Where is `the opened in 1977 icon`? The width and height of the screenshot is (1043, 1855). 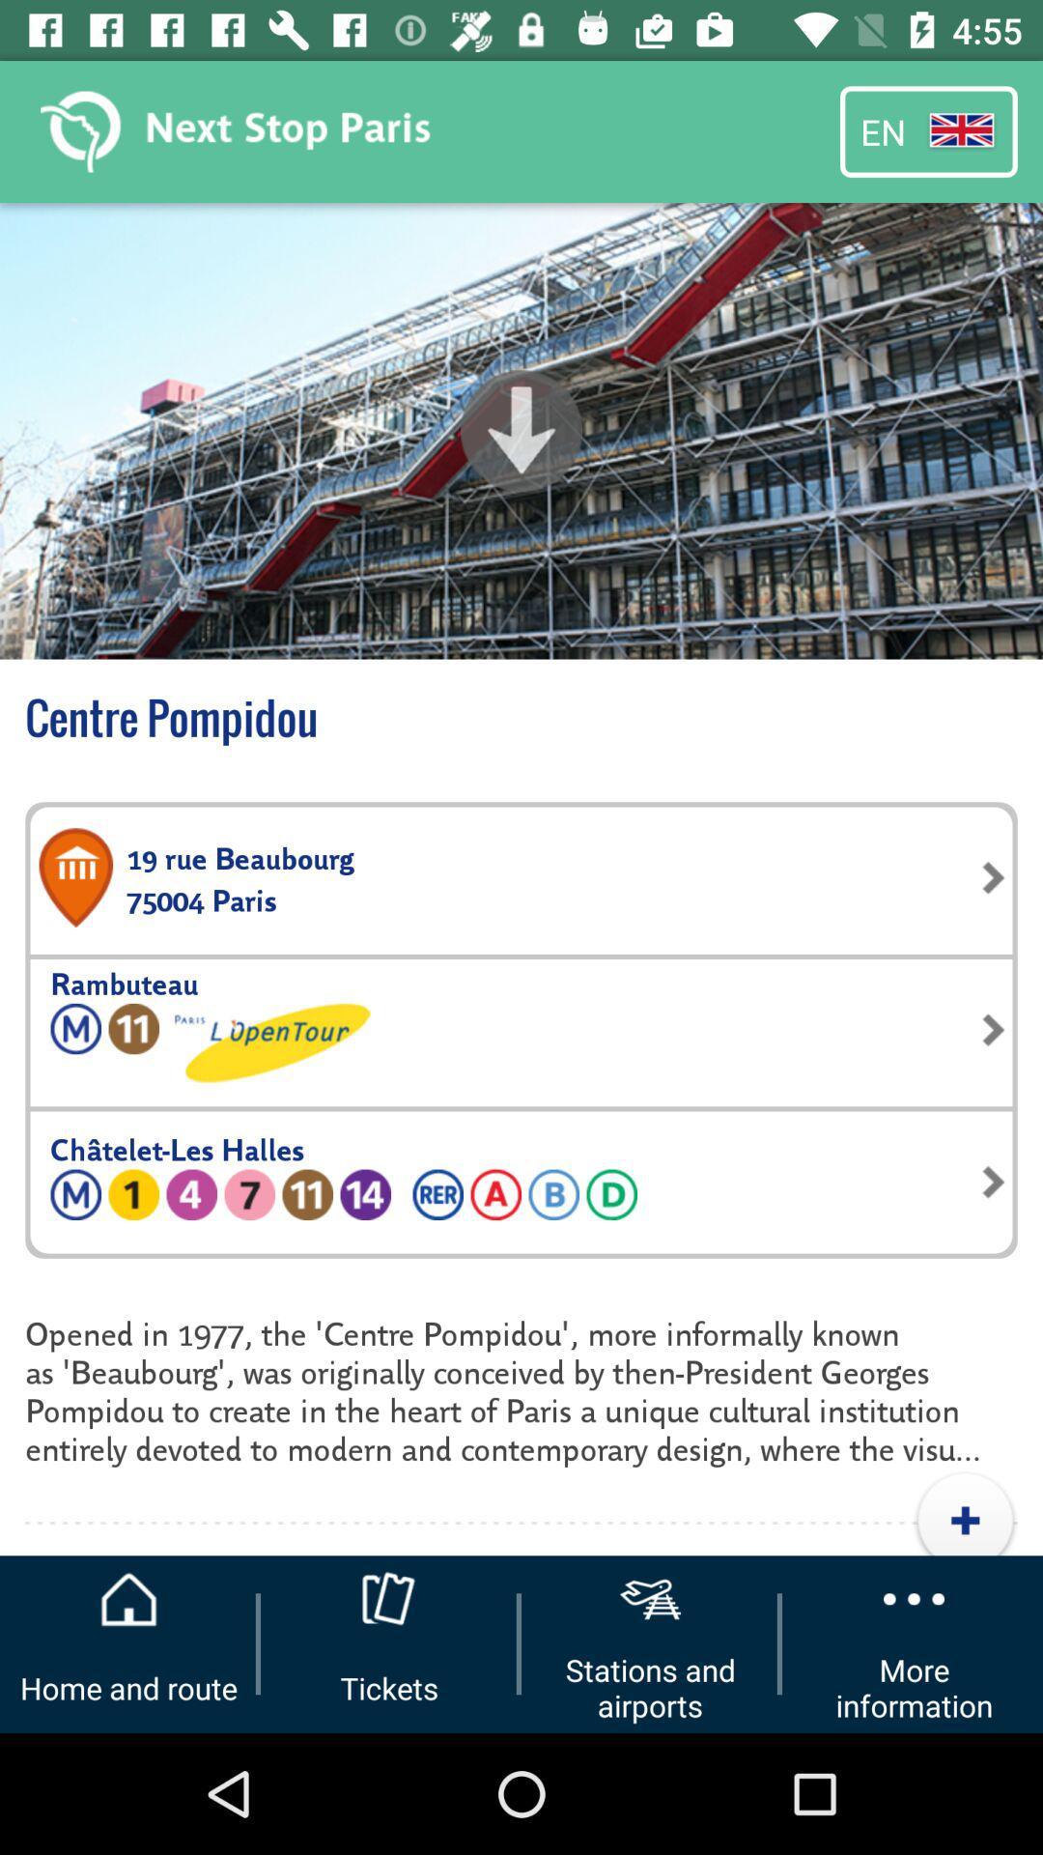 the opened in 1977 icon is located at coordinates (521, 1388).